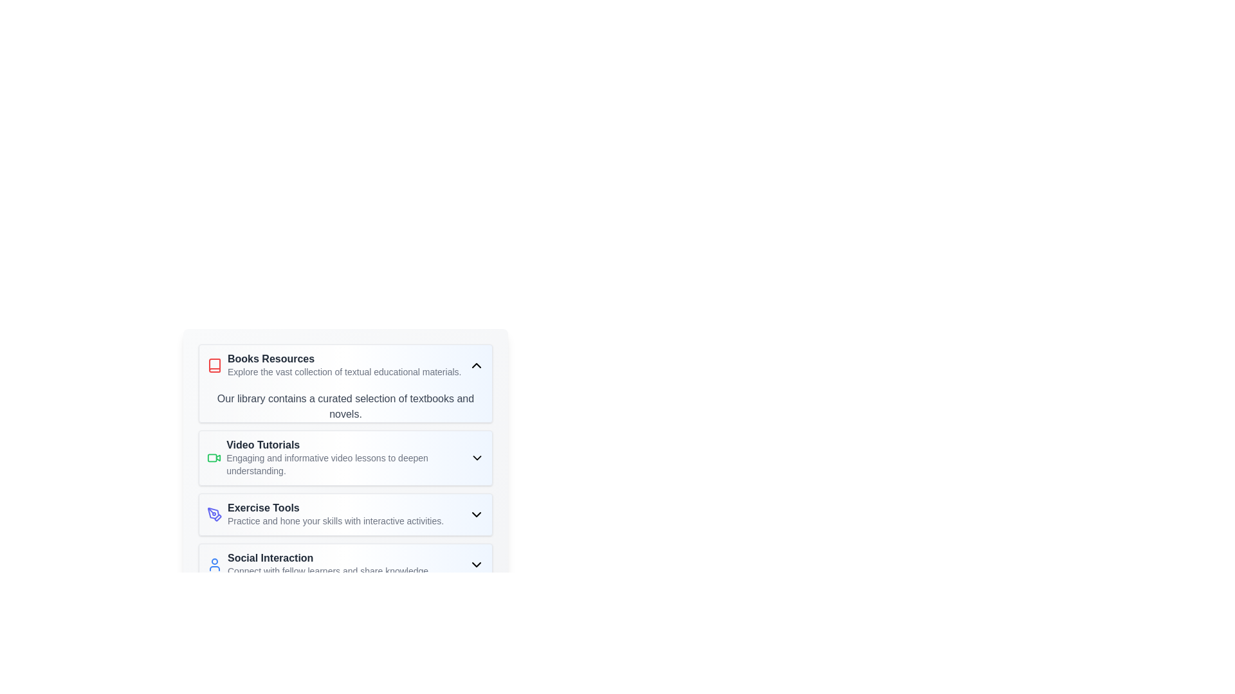  What do you see at coordinates (325, 514) in the screenshot?
I see `the 'Exercise Tools' header element, which features a blue icon on the left and contains the text 'Exercise Tools' and subtext 'Practice and hone your skills with interactive activities.'` at bounding box center [325, 514].